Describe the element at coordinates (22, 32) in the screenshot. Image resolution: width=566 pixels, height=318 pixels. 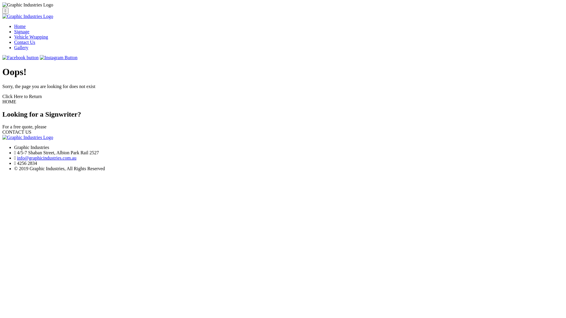
I see `'Signage'` at that location.